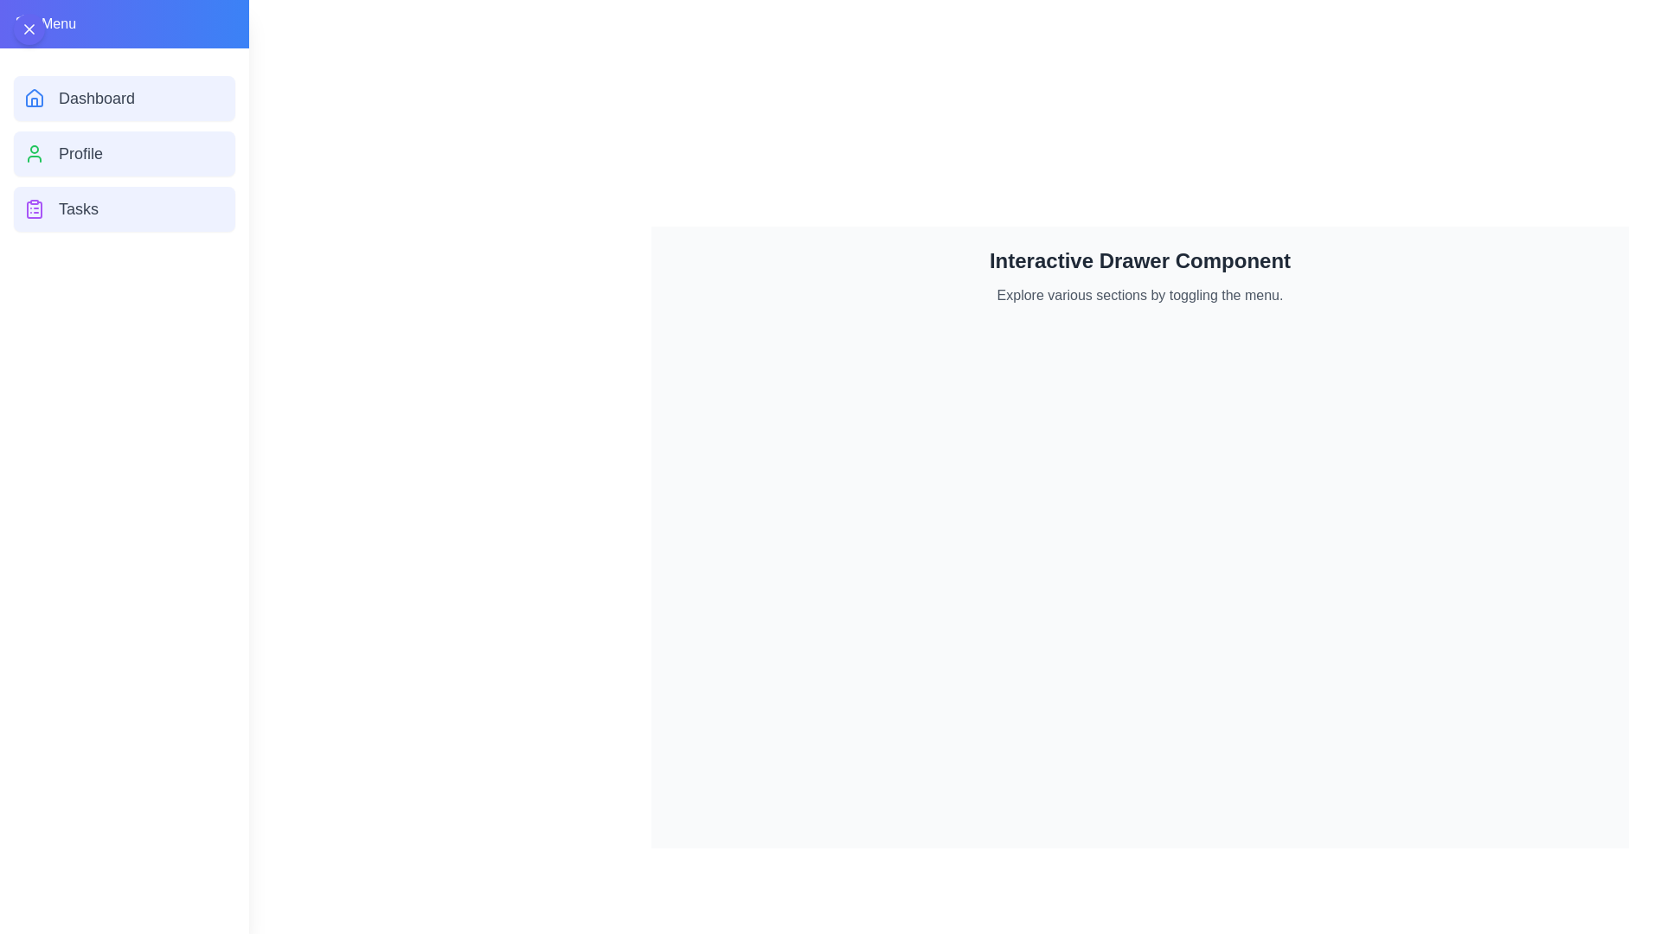  Describe the element at coordinates (124, 152) in the screenshot. I see `the 'Profile' button in the menu to navigate to the Profile section` at that location.